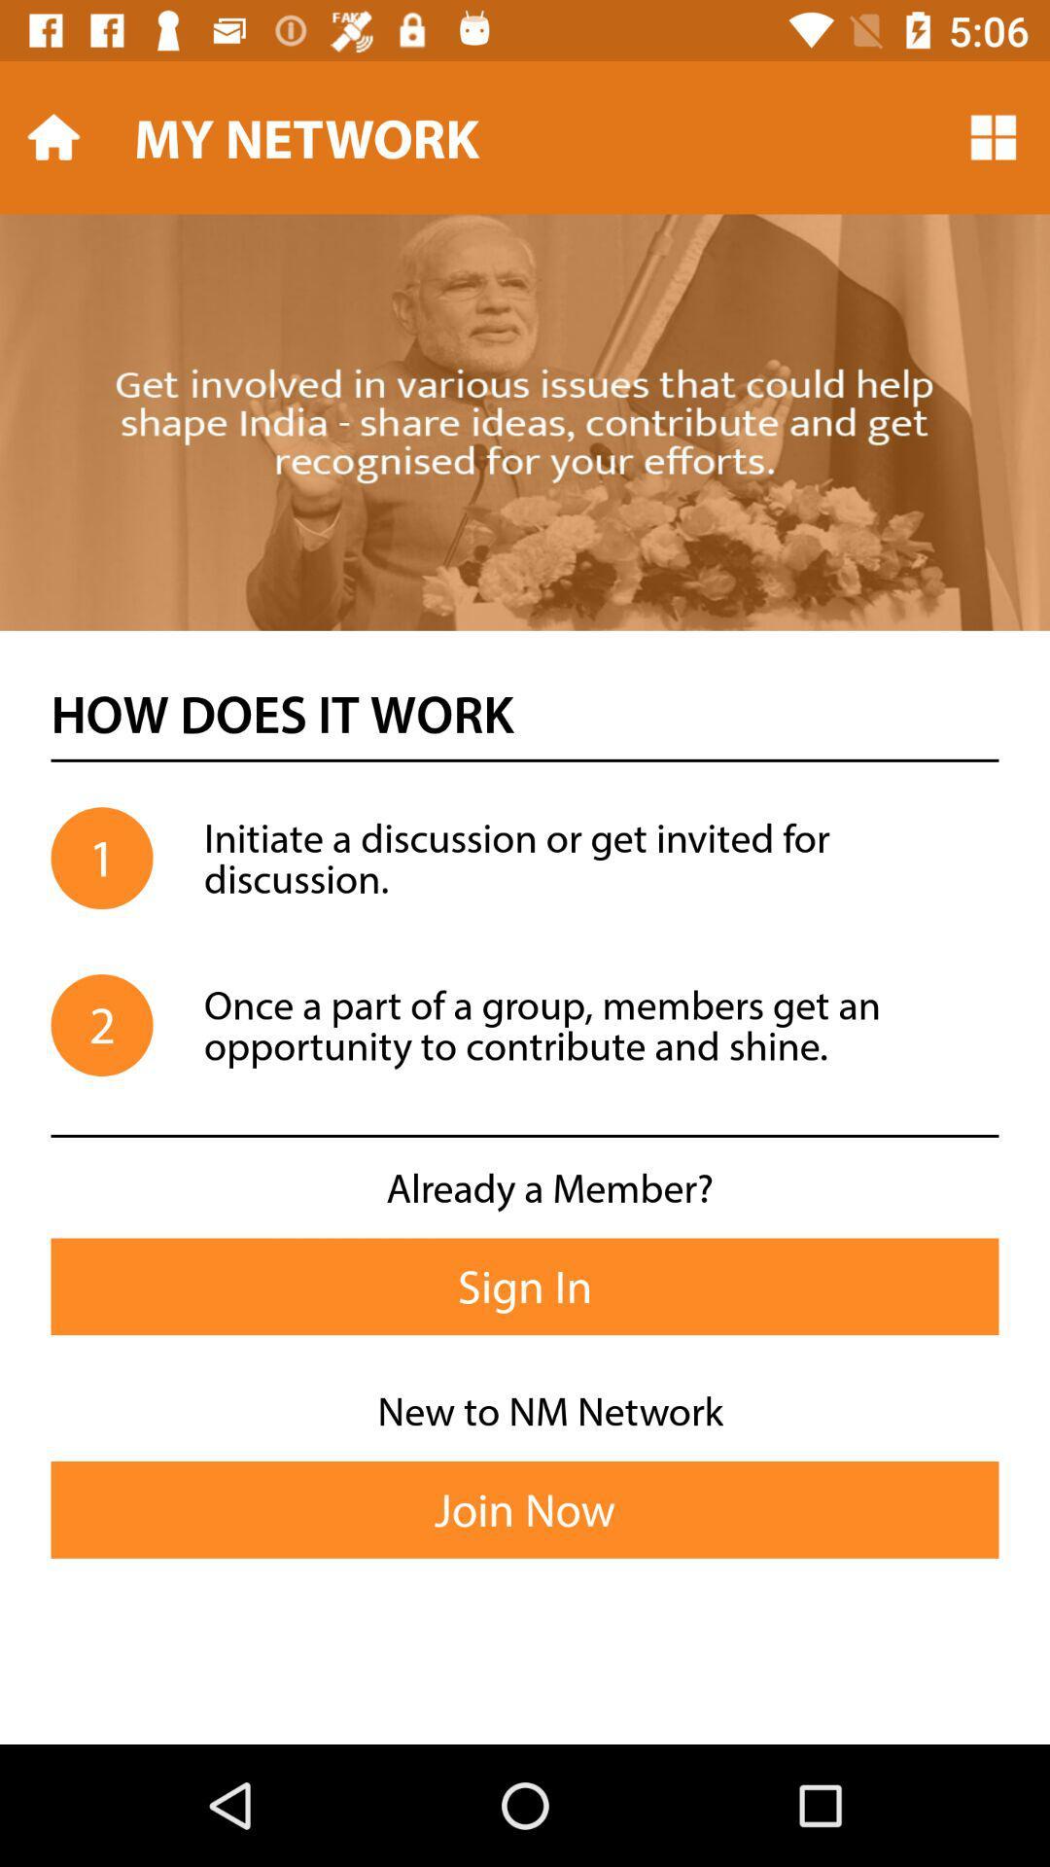  I want to click on icon below new to nm icon, so click(525, 1508).